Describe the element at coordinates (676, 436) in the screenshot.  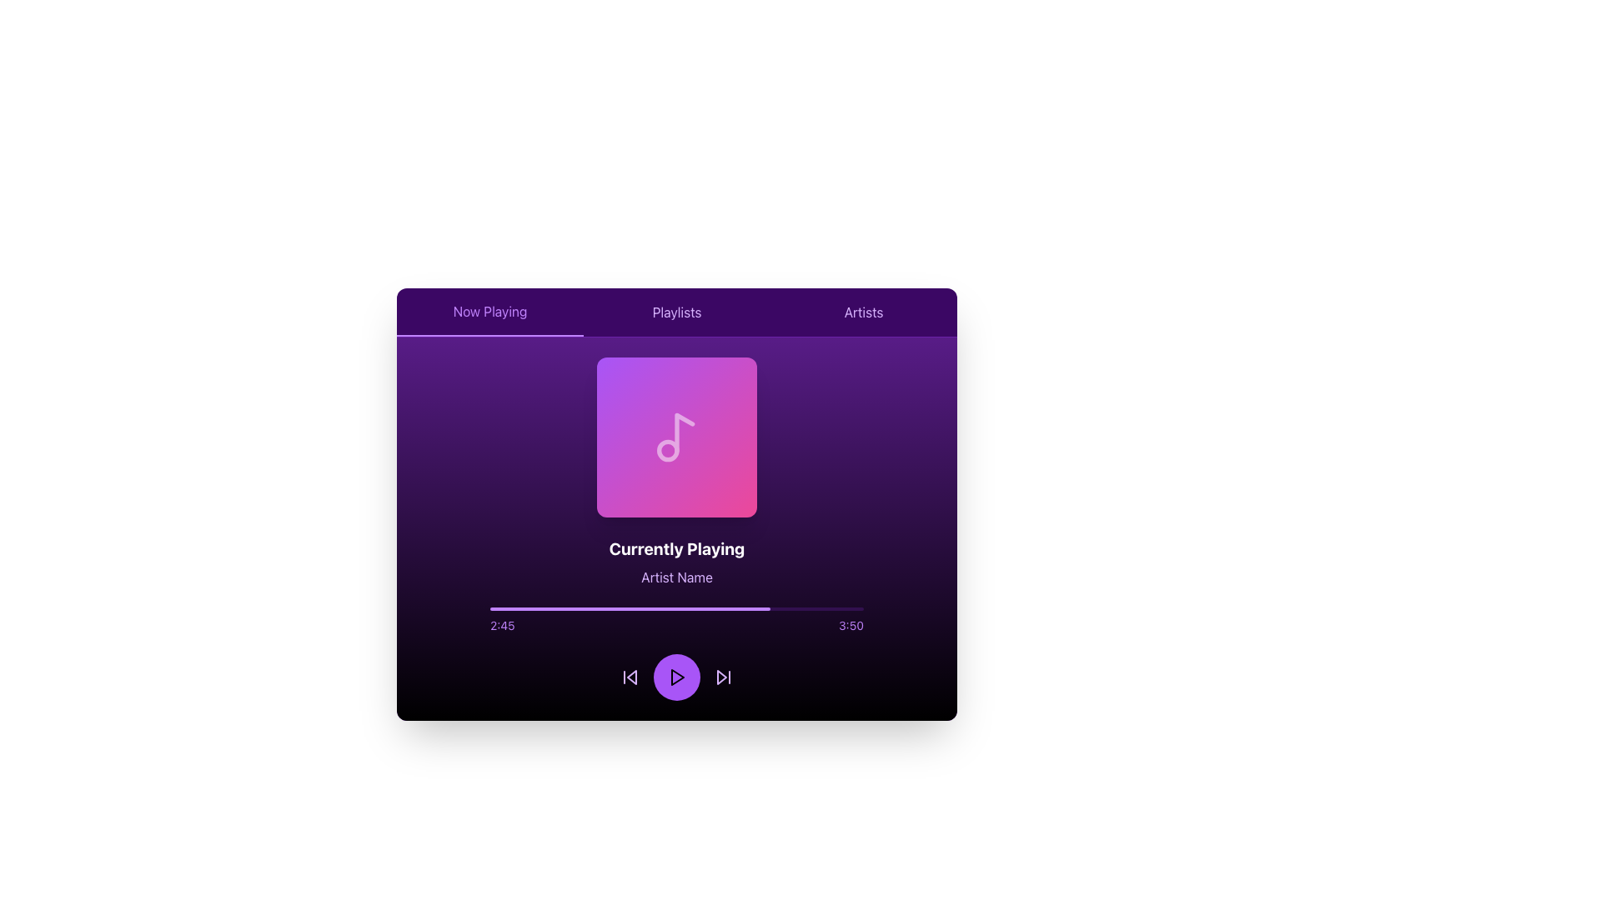
I see `the visual card representing the album cover in the media-playing interface, which is centrally positioned and serves an informational purpose` at that location.